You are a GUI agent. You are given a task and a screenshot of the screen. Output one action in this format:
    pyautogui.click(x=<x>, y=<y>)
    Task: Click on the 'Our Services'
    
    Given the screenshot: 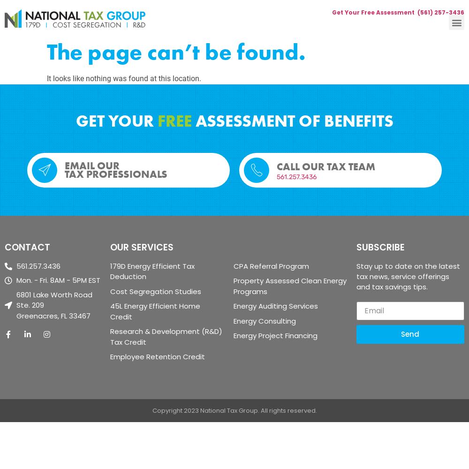 What is the action you would take?
    pyautogui.click(x=110, y=247)
    